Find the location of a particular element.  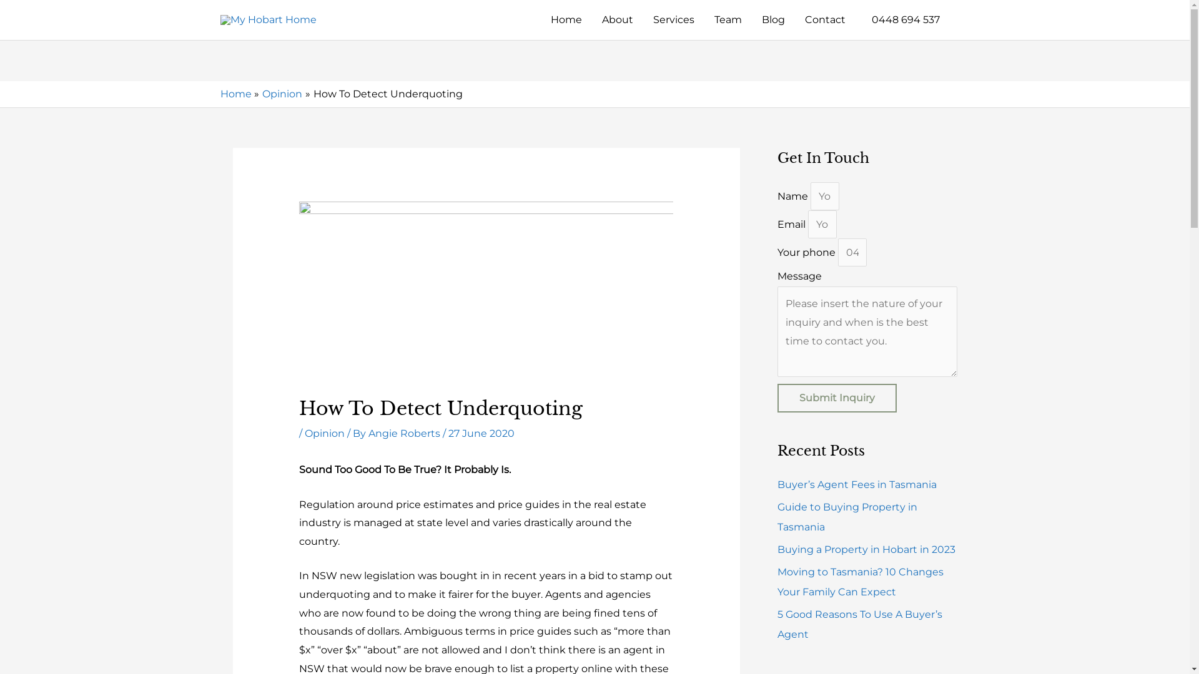

'Home' is located at coordinates (566, 19).